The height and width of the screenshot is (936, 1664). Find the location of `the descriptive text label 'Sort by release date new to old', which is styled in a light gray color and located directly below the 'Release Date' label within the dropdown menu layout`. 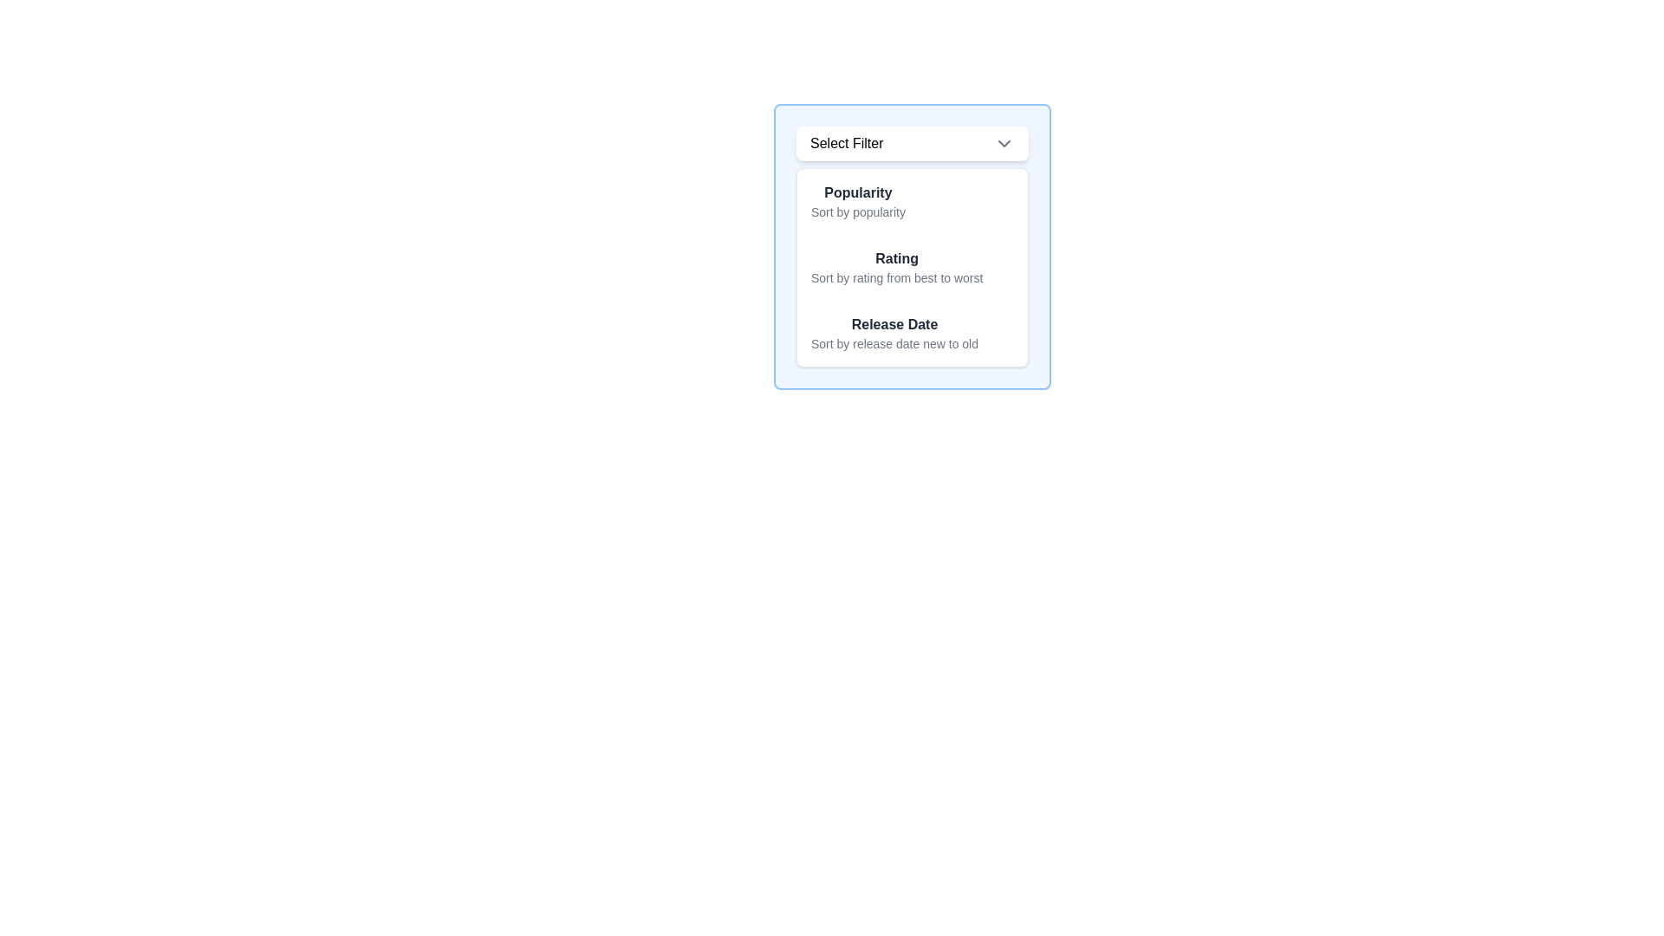

the descriptive text label 'Sort by release date new to old', which is styled in a light gray color and located directly below the 'Release Date' label within the dropdown menu layout is located at coordinates (894, 344).